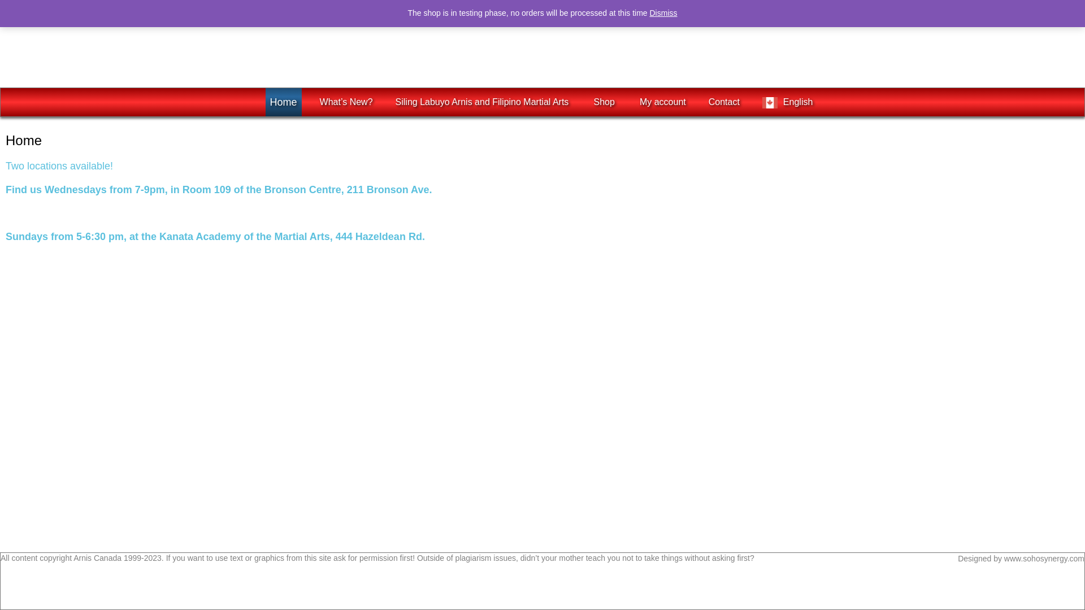 This screenshot has height=610, width=1085. What do you see at coordinates (788, 102) in the screenshot?
I see `'English'` at bounding box center [788, 102].